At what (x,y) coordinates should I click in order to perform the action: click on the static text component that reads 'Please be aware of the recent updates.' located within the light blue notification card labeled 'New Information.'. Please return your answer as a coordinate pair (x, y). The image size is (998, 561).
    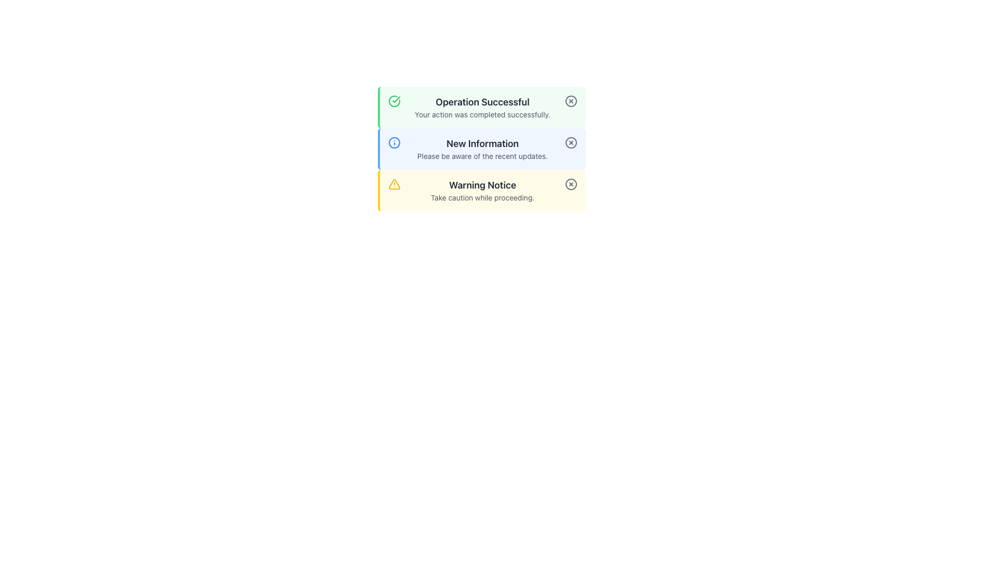
    Looking at the image, I should click on (482, 156).